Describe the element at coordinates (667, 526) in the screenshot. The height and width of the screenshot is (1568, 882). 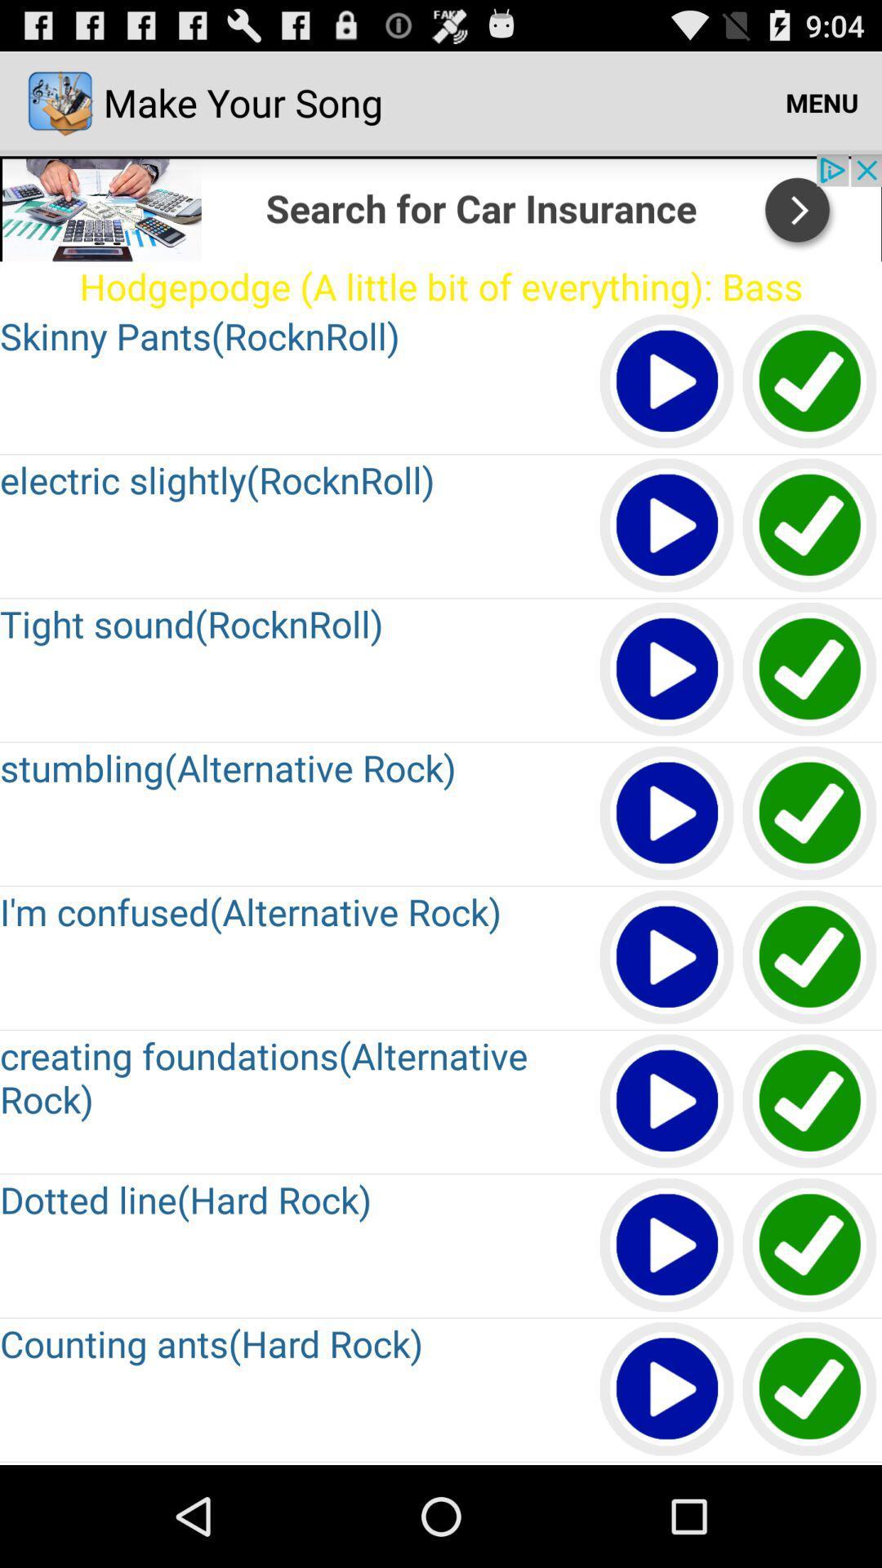
I see `the video` at that location.